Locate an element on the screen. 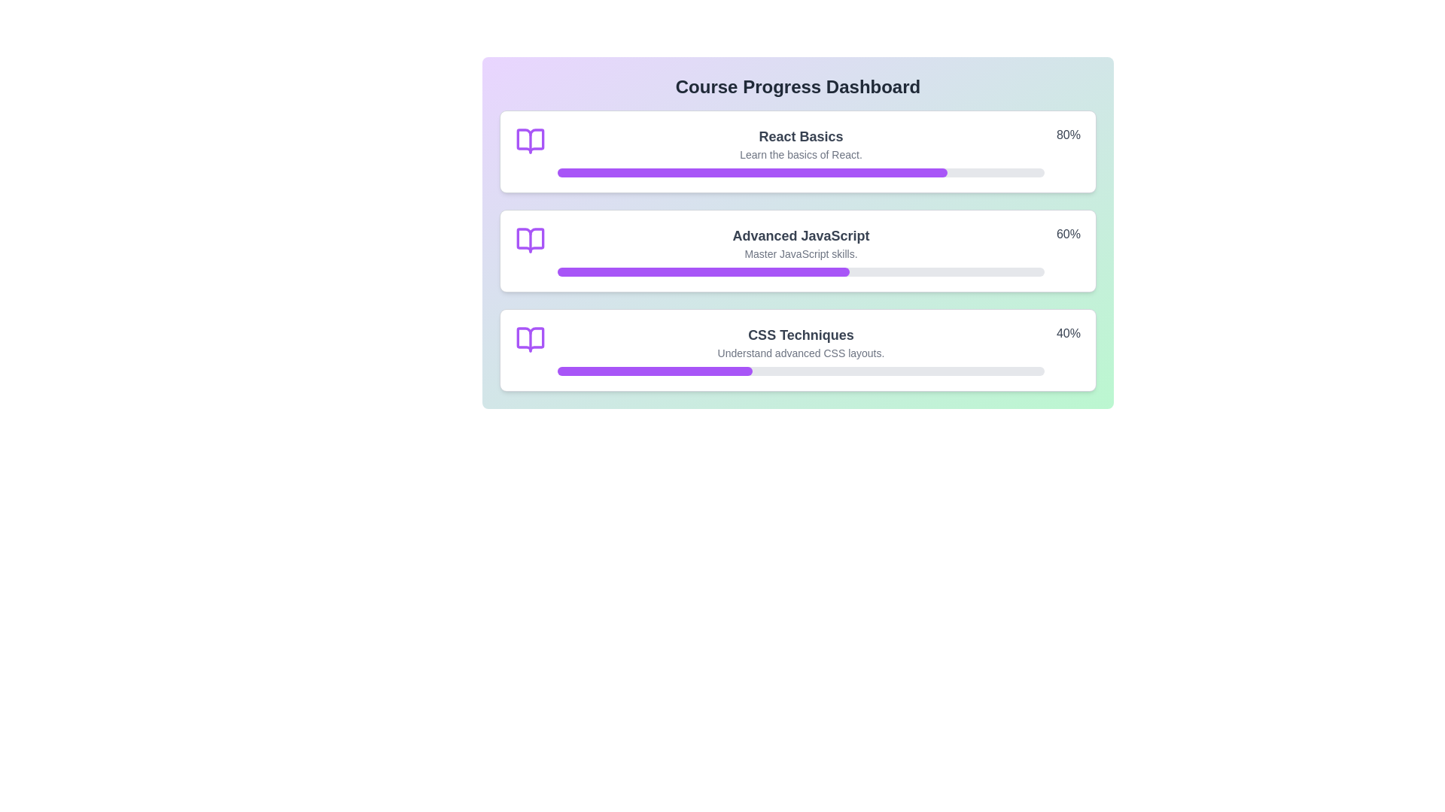 The height and width of the screenshot is (812, 1445). the percentage completion label for the 'Advanced JavaScript' course, located above the purple progress bar indicating 60% completion is located at coordinates (1068, 235).